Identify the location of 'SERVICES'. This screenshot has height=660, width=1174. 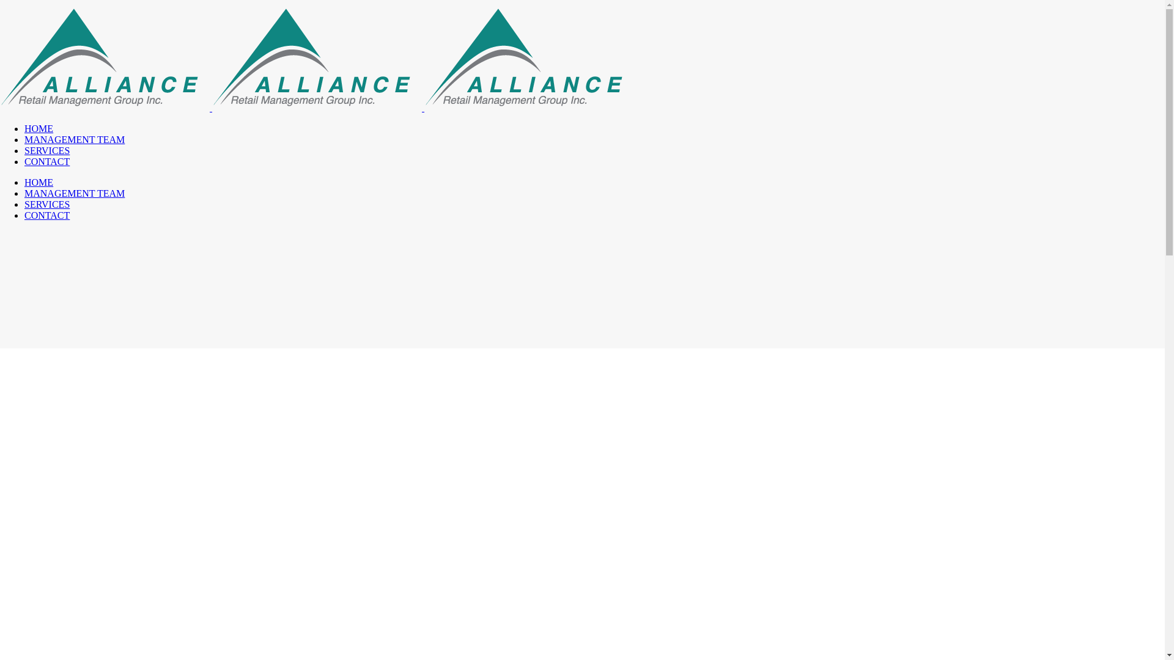
(24, 150).